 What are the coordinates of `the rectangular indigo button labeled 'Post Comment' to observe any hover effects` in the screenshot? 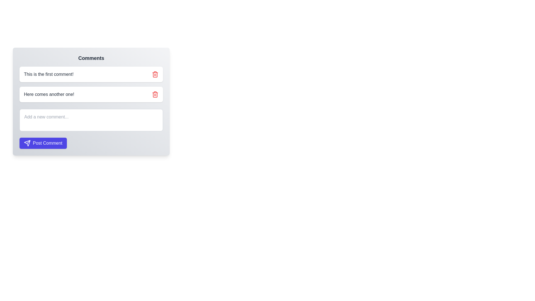 It's located at (43, 143).